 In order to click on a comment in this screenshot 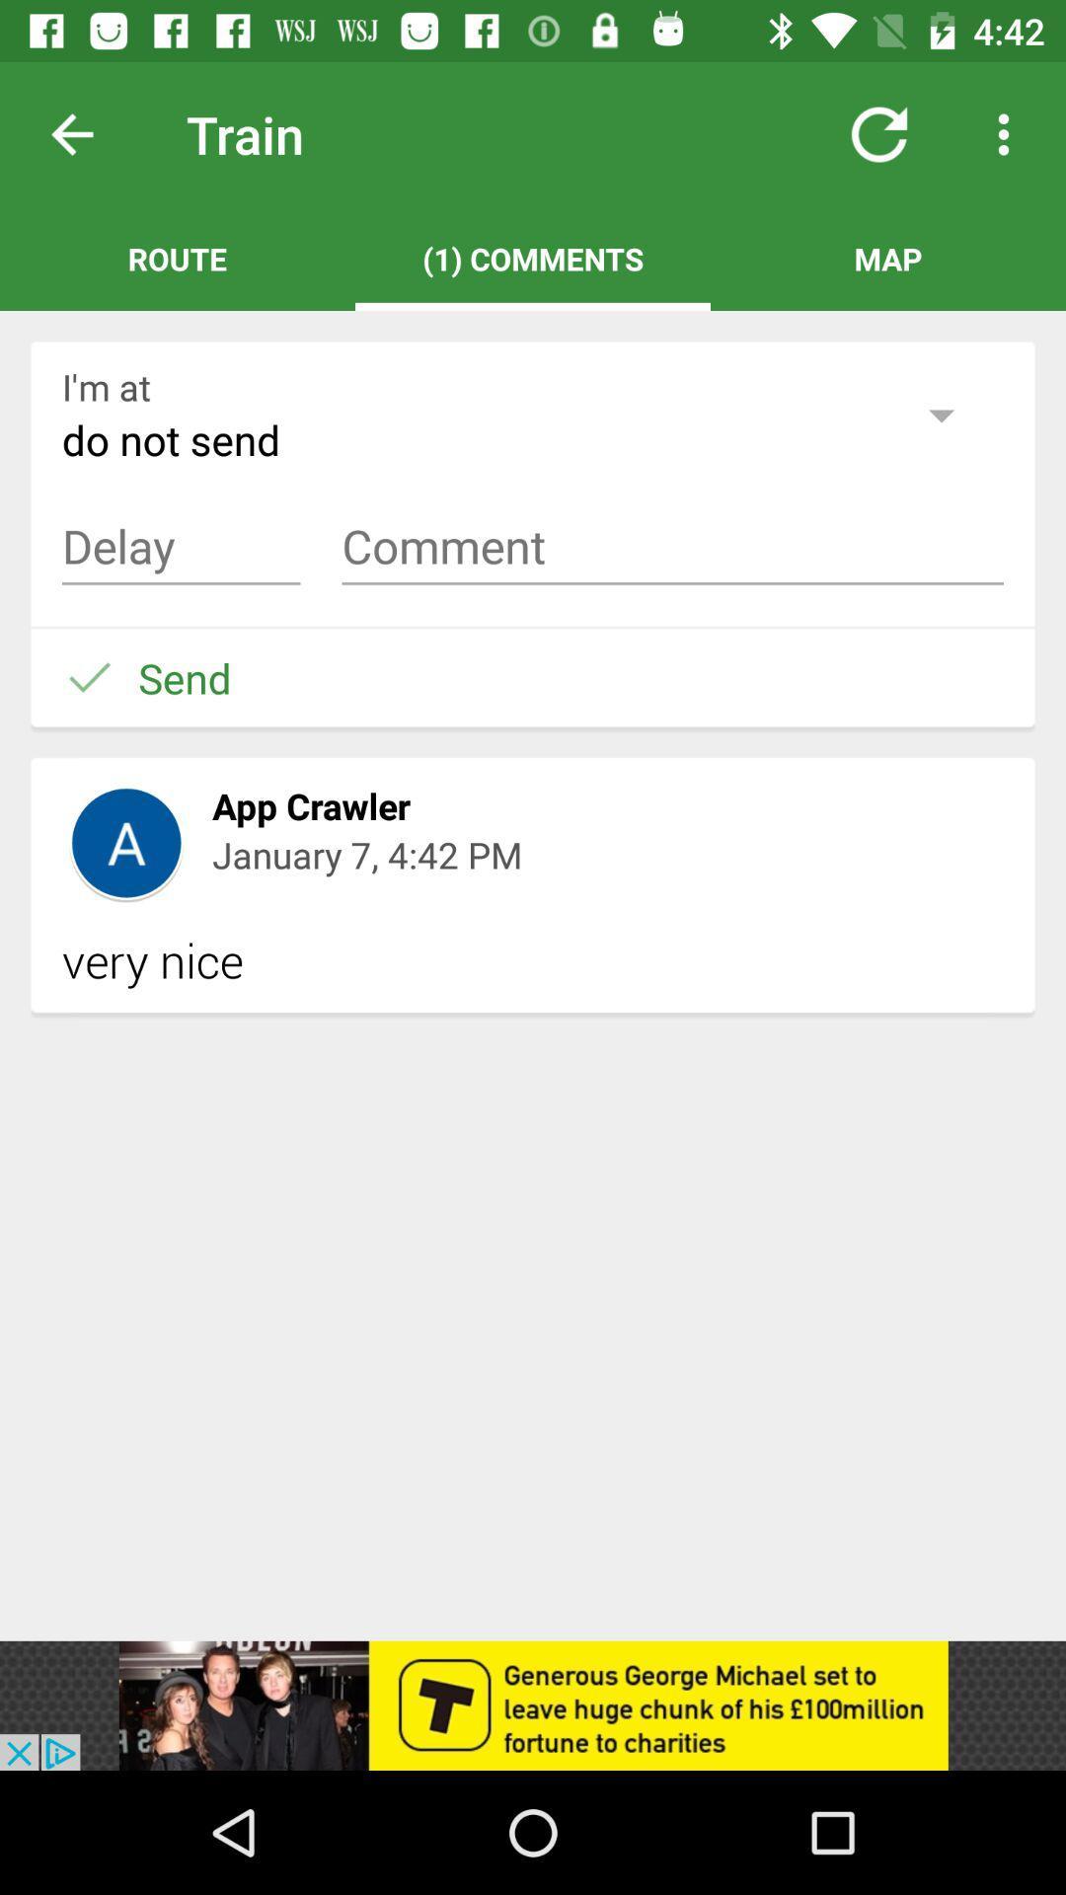, I will do `click(181, 547)`.